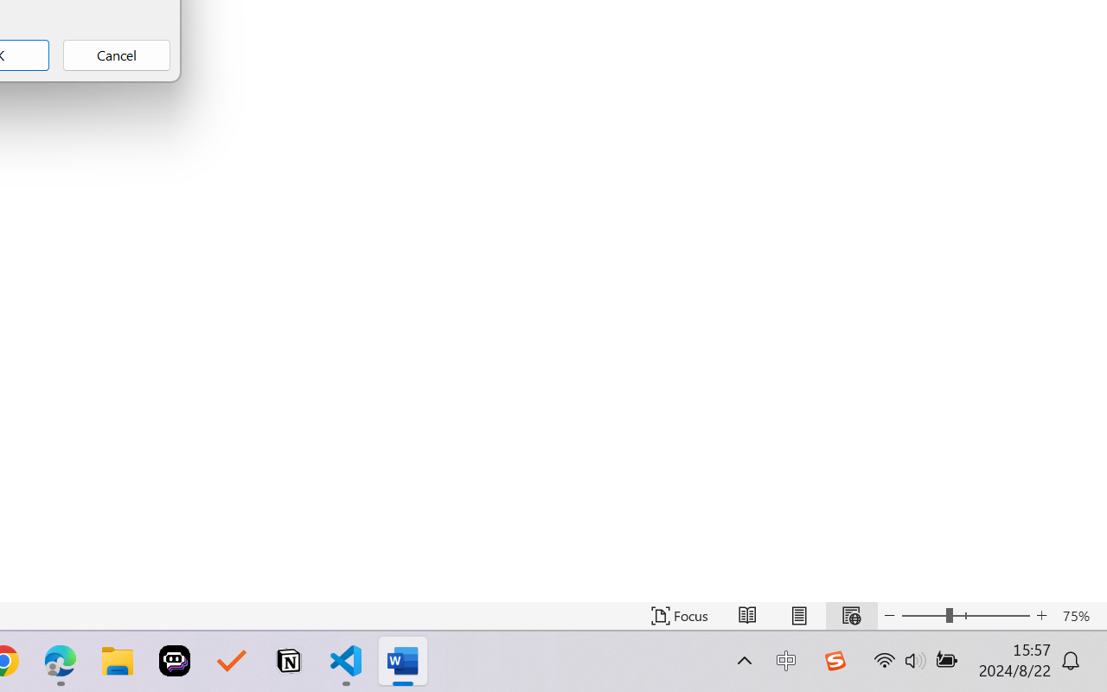 This screenshot has width=1107, height=692. What do you see at coordinates (679, 615) in the screenshot?
I see `'Focus '` at bounding box center [679, 615].